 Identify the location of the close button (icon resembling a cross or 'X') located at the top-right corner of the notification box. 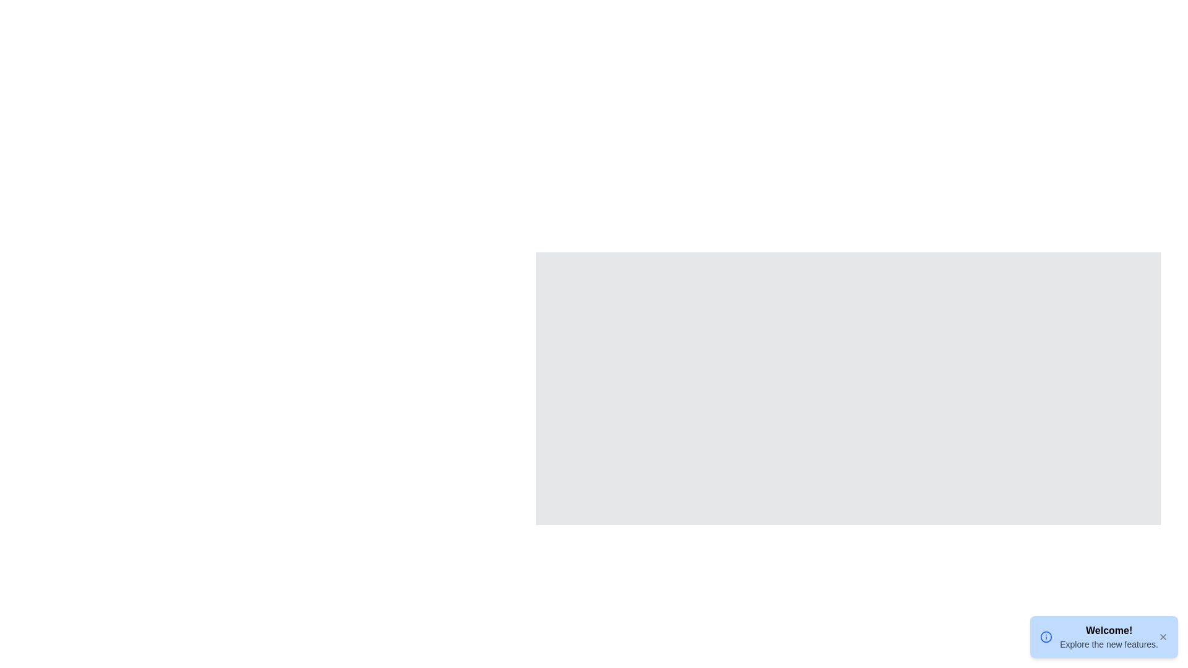
(1163, 636).